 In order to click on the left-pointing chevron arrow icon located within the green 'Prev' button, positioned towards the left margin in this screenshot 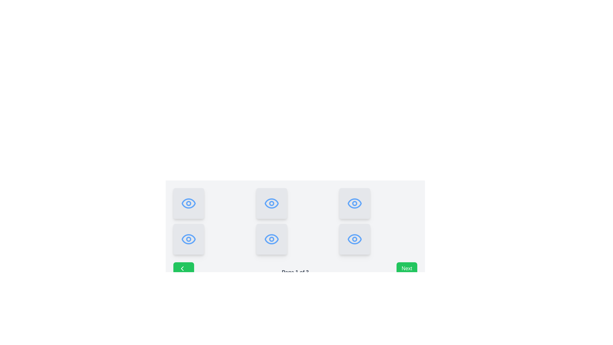, I will do `click(182, 268)`.